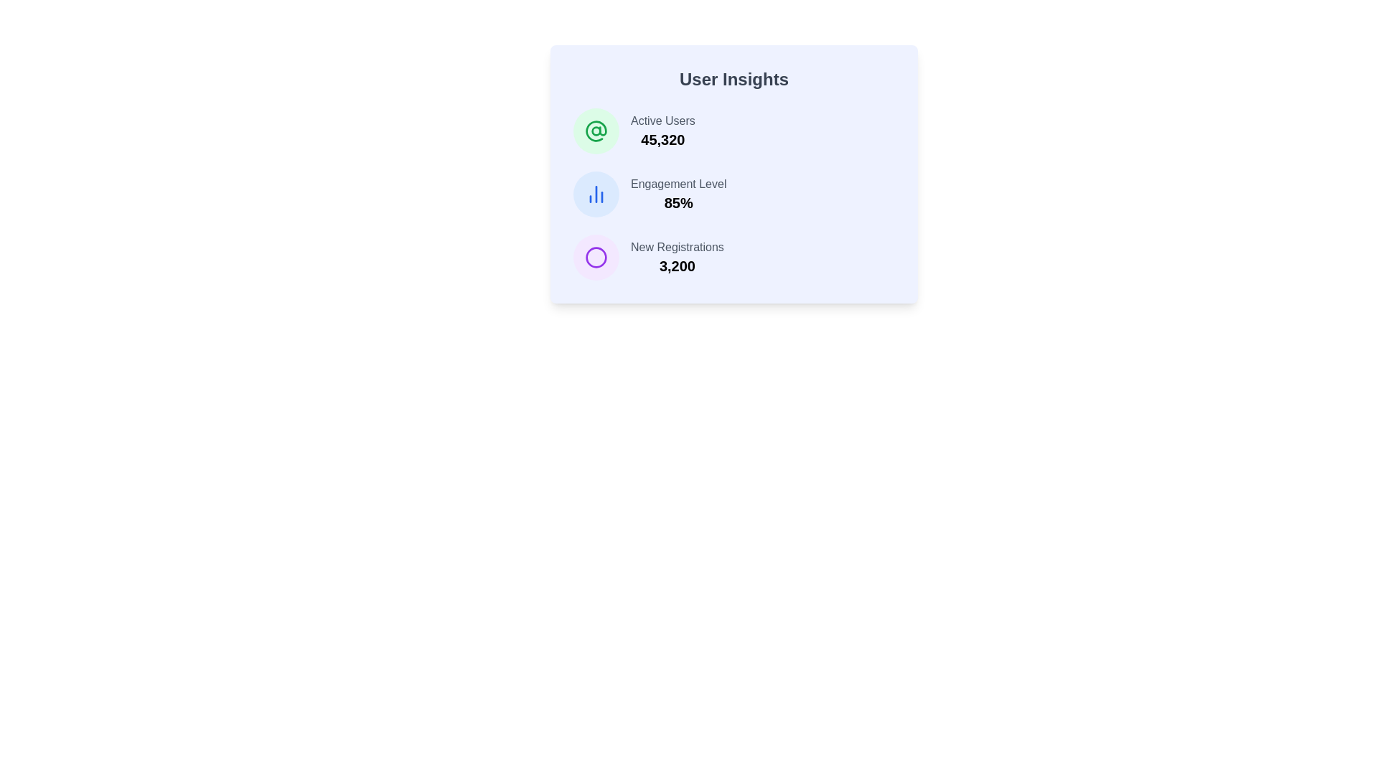  What do you see at coordinates (662, 121) in the screenshot?
I see `label 'Active Users' located in the upper-left section of the user insights card, directly above the '45,320' value and to the right of the '@' icon` at bounding box center [662, 121].